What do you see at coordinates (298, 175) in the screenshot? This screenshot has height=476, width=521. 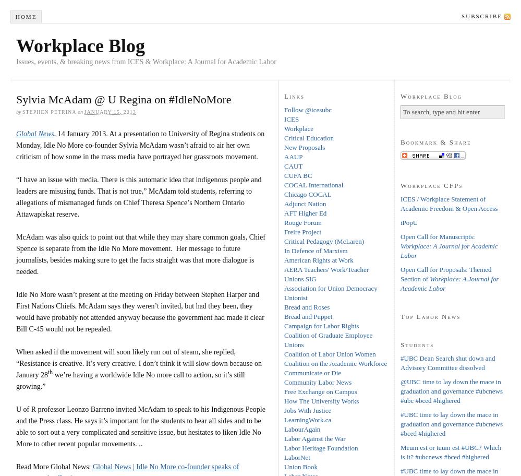 I see `'CUFA BC'` at bounding box center [298, 175].